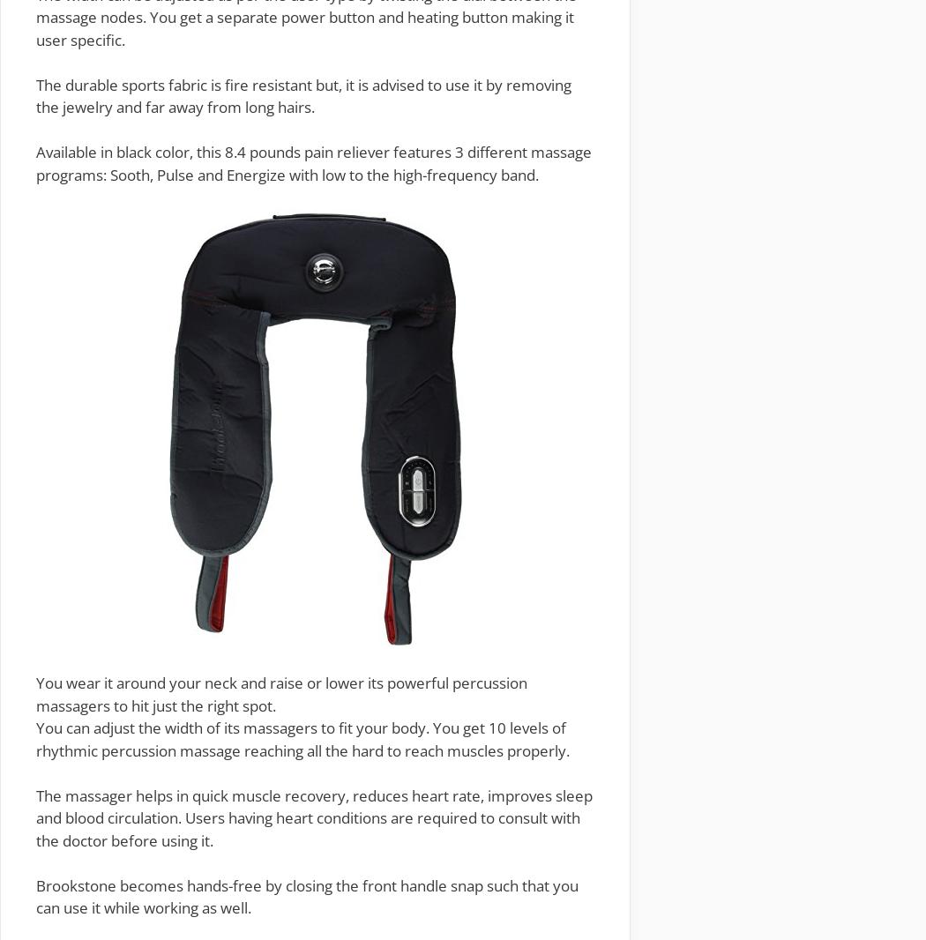 This screenshot has width=926, height=940. What do you see at coordinates (320, 173) in the screenshot?
I see `': Sooth, Pulse and Energize with low to the high-frequency band.'` at bounding box center [320, 173].